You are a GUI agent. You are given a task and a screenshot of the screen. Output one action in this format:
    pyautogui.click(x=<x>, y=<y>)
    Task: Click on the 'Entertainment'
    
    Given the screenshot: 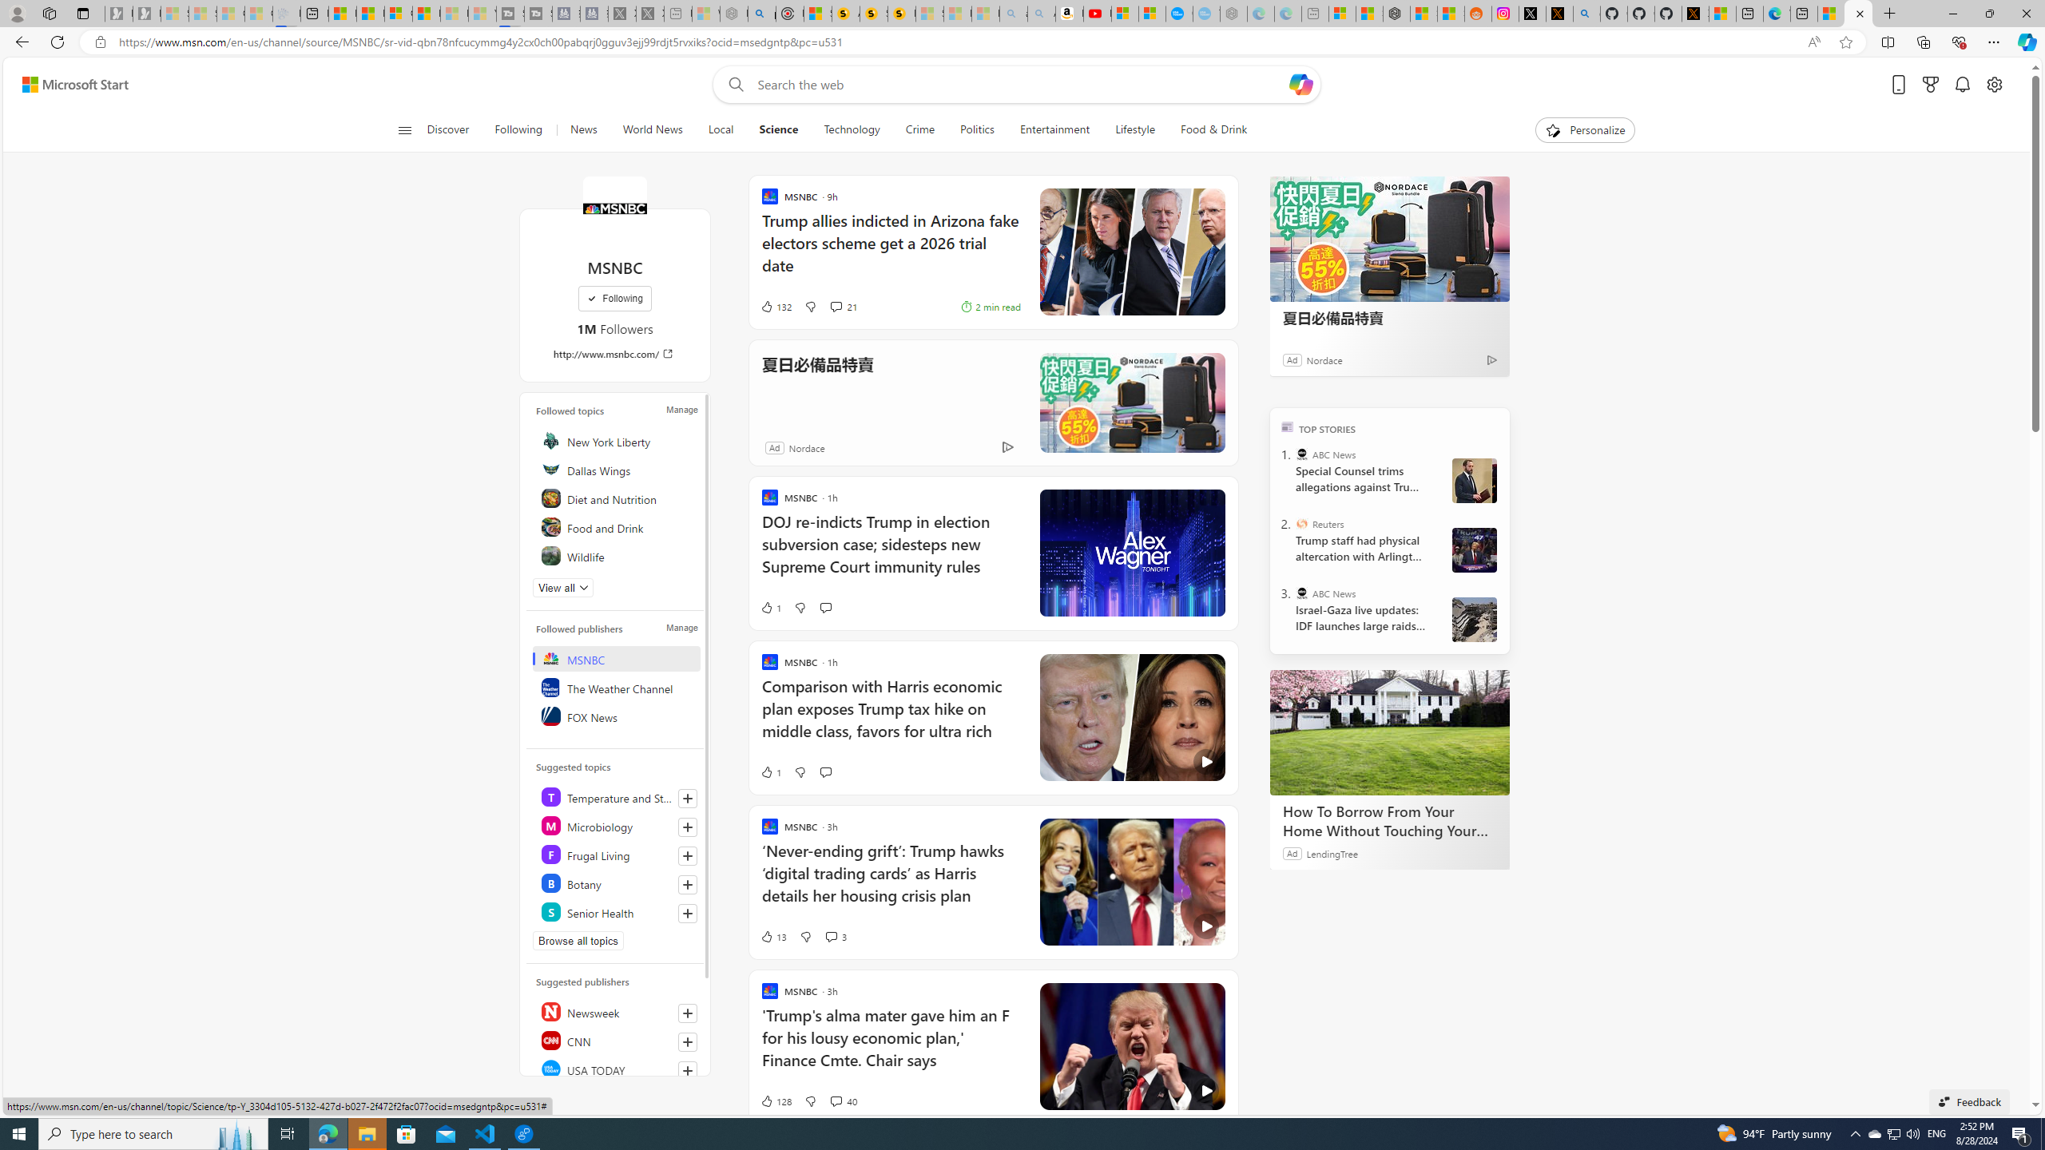 What is the action you would take?
    pyautogui.click(x=1053, y=129)
    